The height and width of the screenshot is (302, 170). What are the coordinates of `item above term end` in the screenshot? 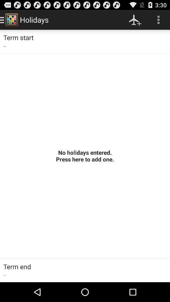 It's located at (85, 155).